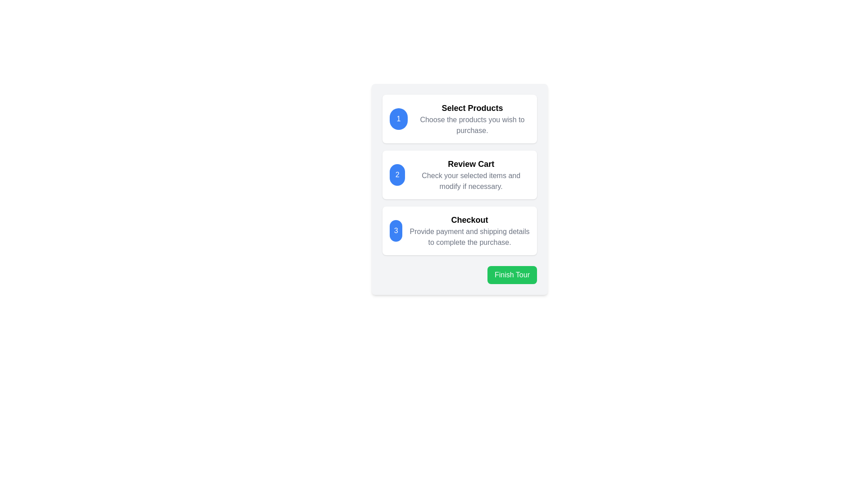  I want to click on the bold text heading labeled 'Checkout', which is prominently displayed at the top of the section explaining the next step in the process, so click(469, 220).